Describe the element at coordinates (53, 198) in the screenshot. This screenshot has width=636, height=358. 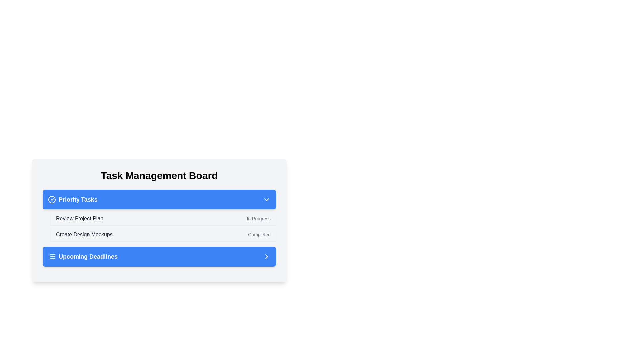
I see `the circular icon with a checkmark inside it, located to the left of the 'Priority Tasks' header in the blue banner` at that location.